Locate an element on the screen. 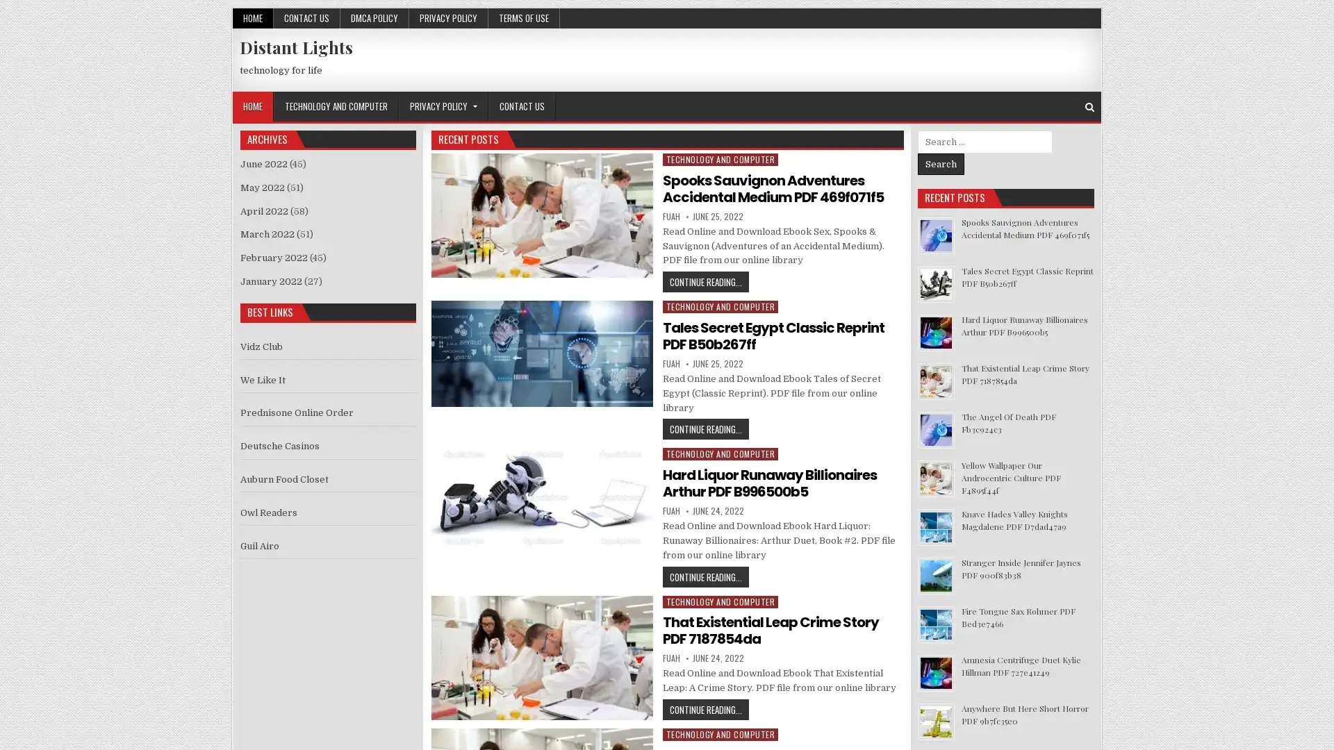 This screenshot has width=1334, height=750. Search is located at coordinates (941, 163).